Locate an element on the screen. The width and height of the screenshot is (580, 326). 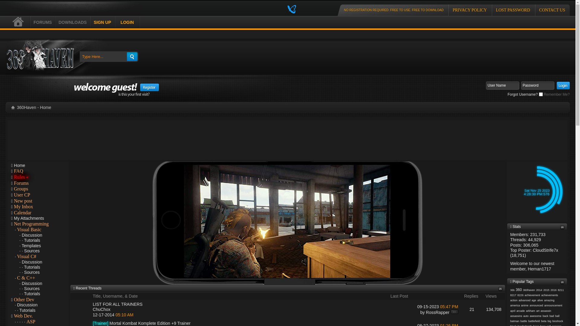
'My Inbox' is located at coordinates (23, 206).